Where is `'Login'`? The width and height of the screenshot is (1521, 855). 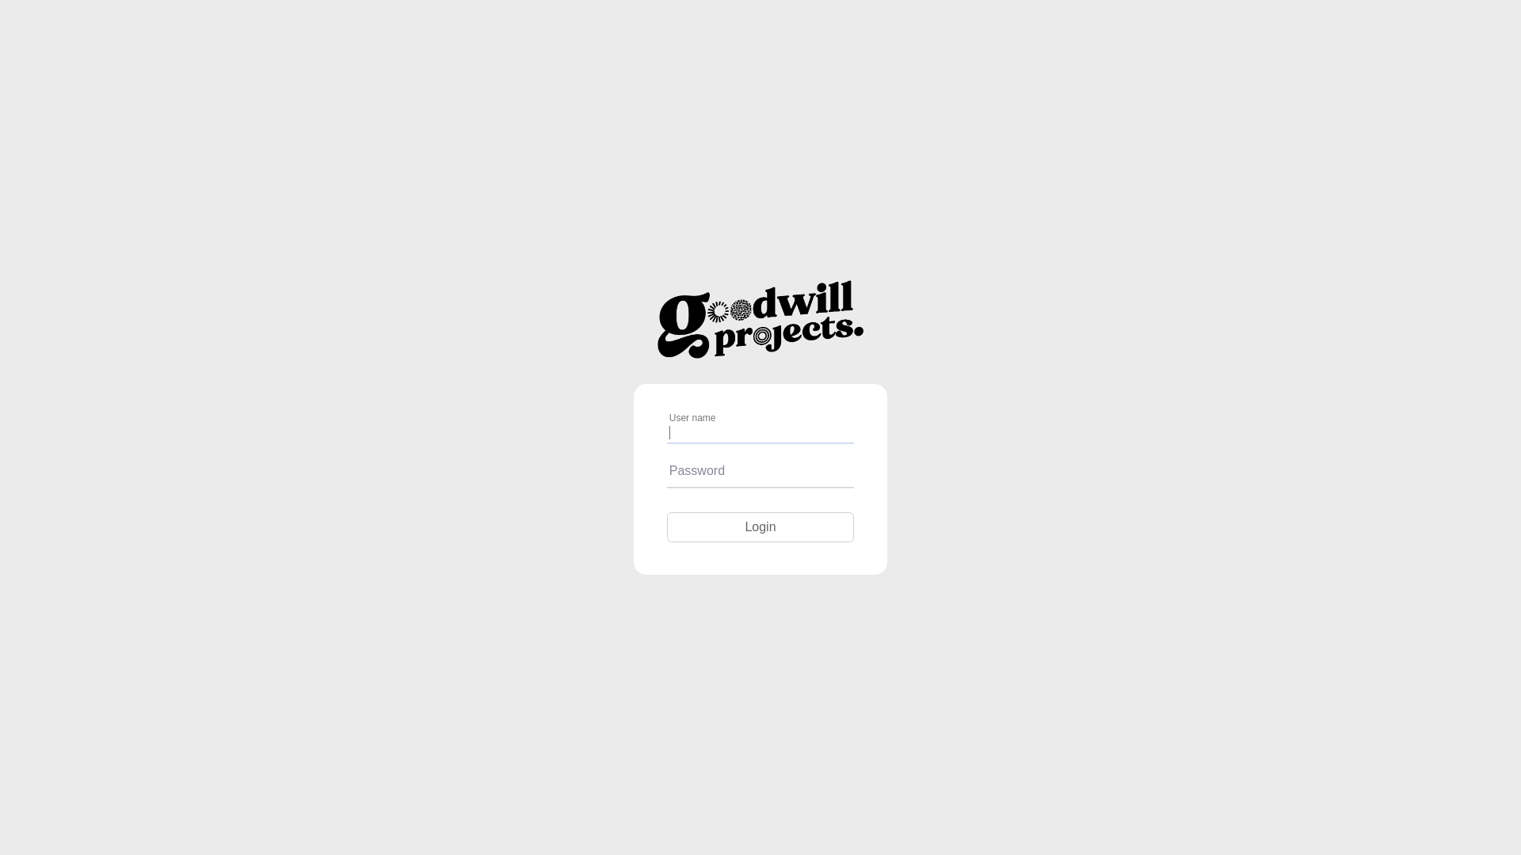 'Login' is located at coordinates (760, 527).